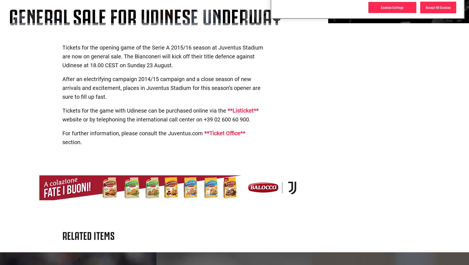 Image resolution: width=469 pixels, height=265 pixels. What do you see at coordinates (162, 56) in the screenshot?
I see `'Tickets for the opening game of the Serie A 2015/16 season at Juventus Stadium are now on general sale. The Bianconeri will kick off their title defence against Udinese at 18.00 CEST on Sunday 23 August.'` at bounding box center [162, 56].